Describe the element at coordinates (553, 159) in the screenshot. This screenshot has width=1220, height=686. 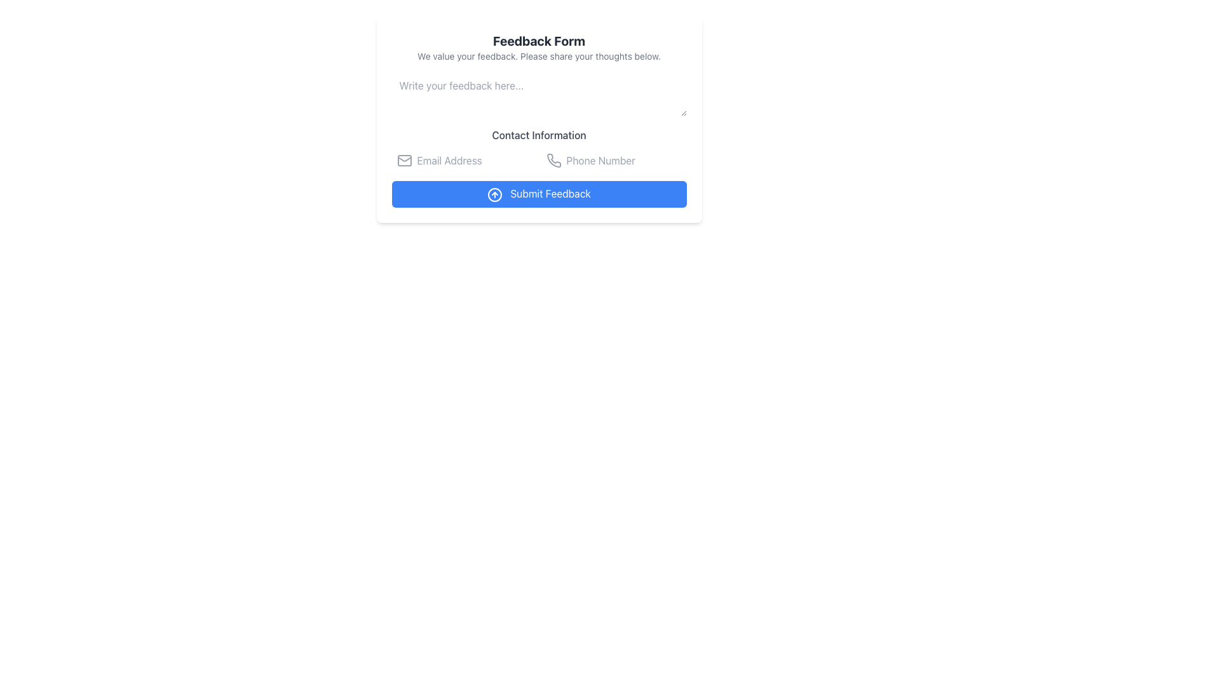
I see `the phone icon representing the 'Phone Number' field located in the 'Contact Information' section, which is the only phone icon to the left of the 'Phone Number' label` at that location.